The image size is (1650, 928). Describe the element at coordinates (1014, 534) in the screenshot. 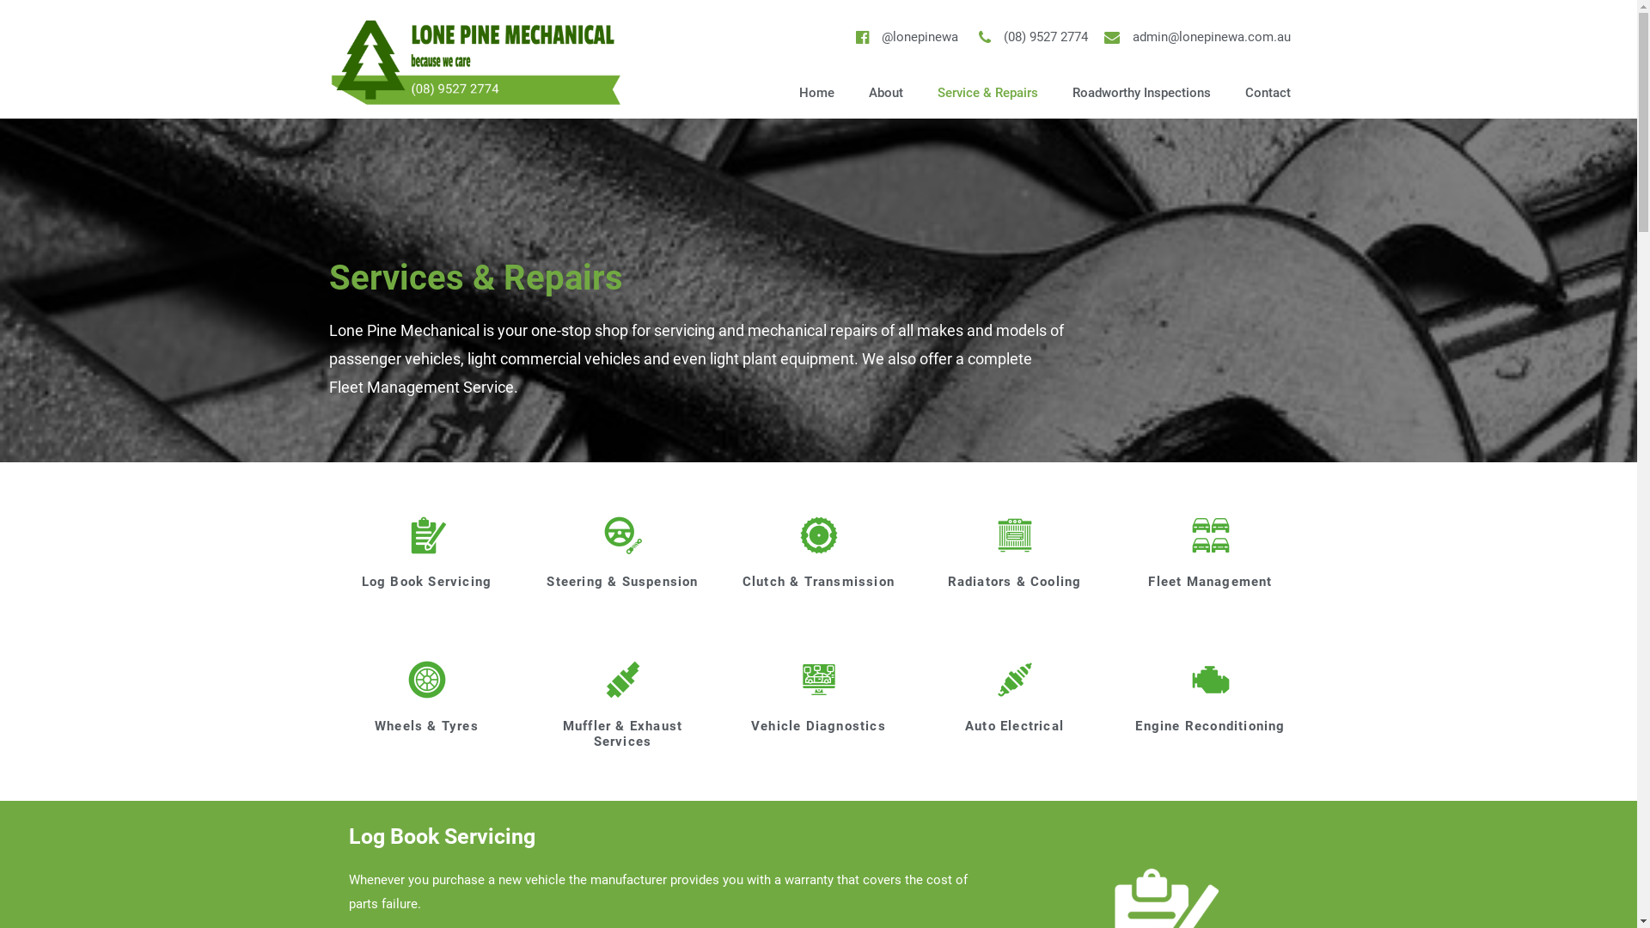

I see `'radiator'` at that location.